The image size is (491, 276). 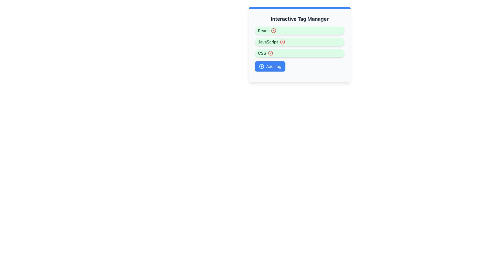 I want to click on the text label reading 'JavaScript' which is styled in dark green and positioned within a light green rounded rectangular badge, so click(x=268, y=42).